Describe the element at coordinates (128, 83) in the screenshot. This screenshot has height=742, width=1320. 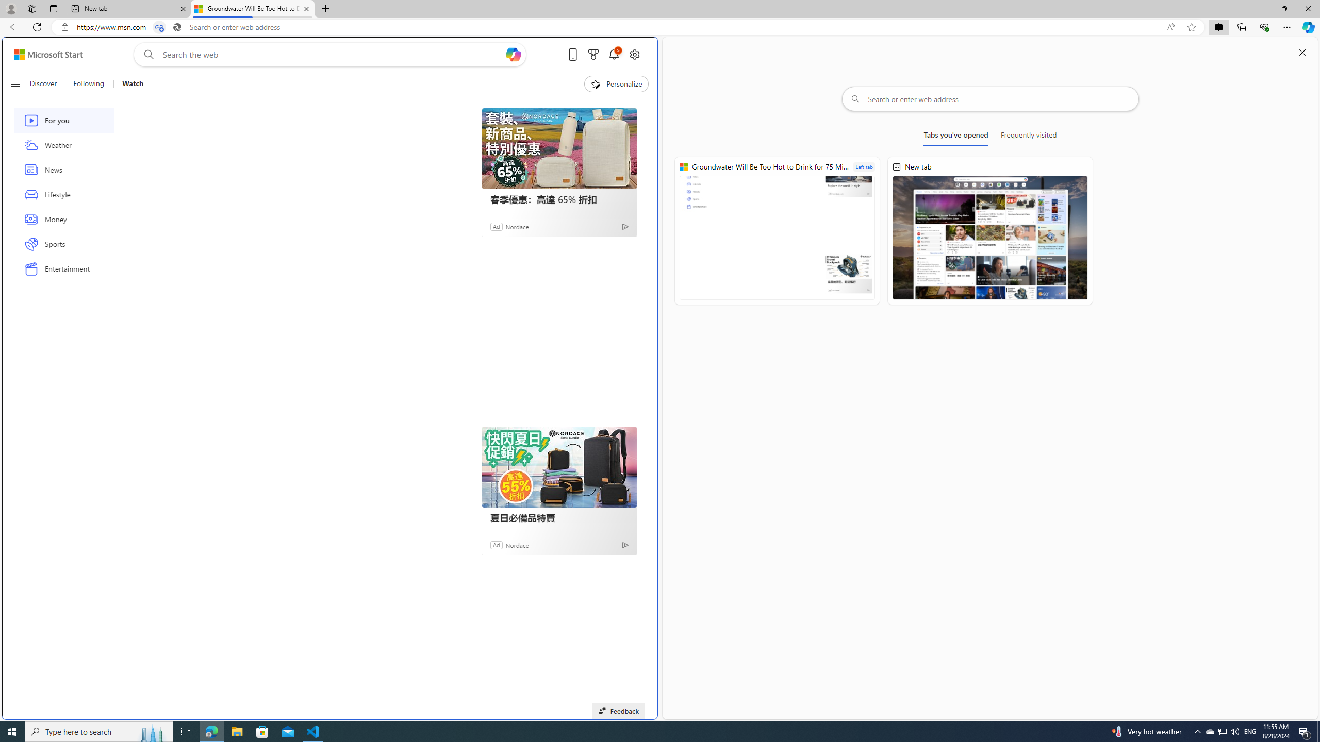
I see `'Watch'` at that location.